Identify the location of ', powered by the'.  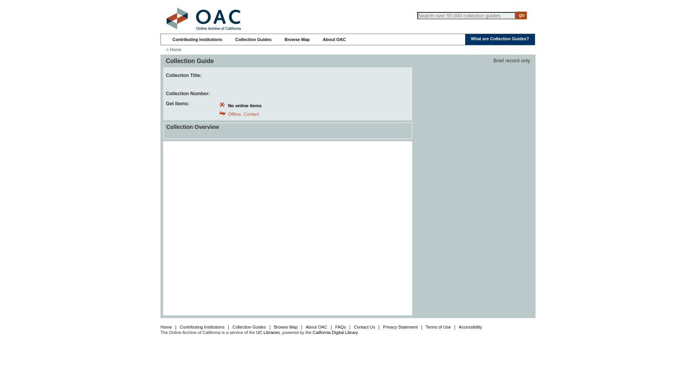
(295, 332).